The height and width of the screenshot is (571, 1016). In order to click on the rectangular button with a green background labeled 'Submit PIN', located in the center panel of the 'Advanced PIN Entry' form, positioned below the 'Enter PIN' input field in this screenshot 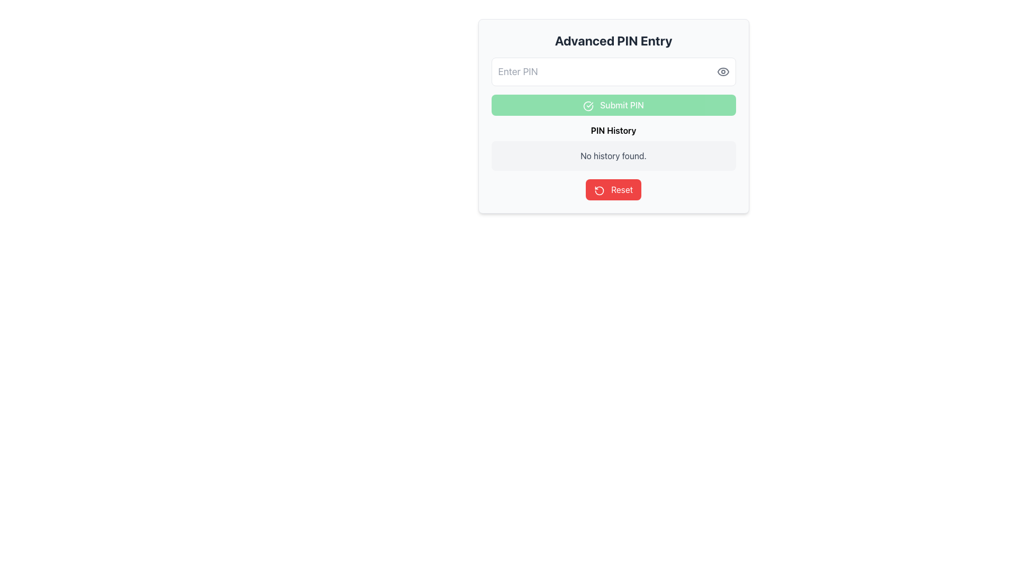, I will do `click(613, 105)`.